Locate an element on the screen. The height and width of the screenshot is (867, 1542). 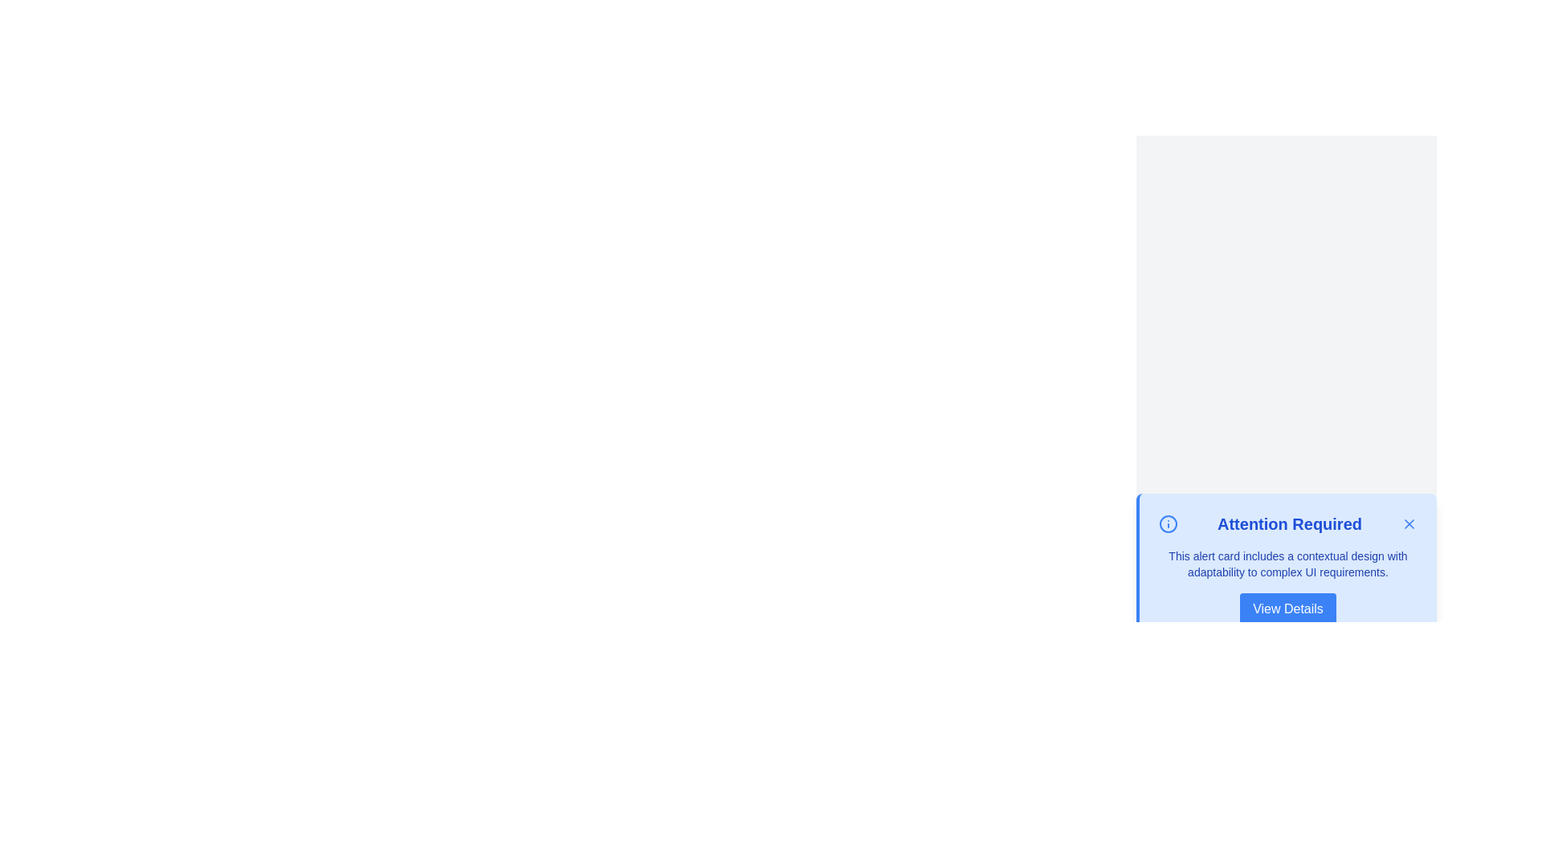
the close button located at the far right of the header of the alert box titled 'Attention Required' is located at coordinates (1409, 523).